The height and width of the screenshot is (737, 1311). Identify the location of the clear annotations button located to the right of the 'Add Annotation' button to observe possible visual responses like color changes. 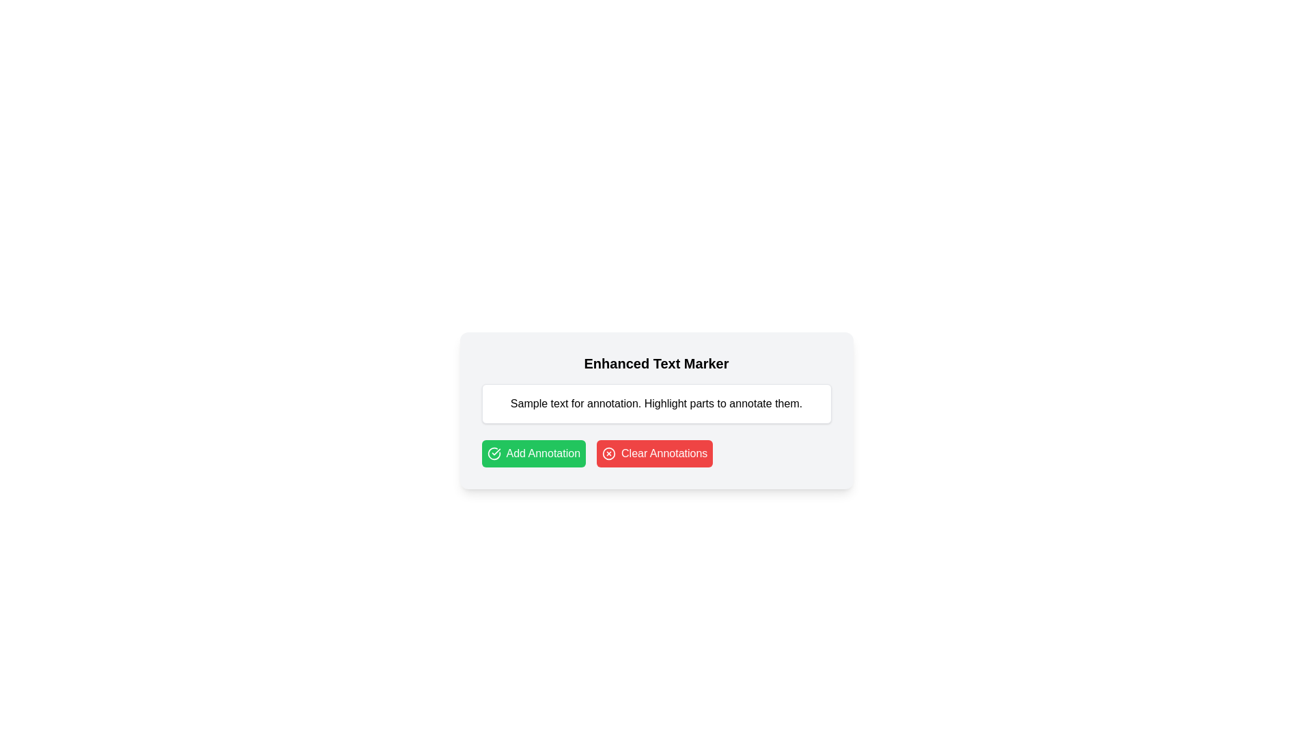
(654, 453).